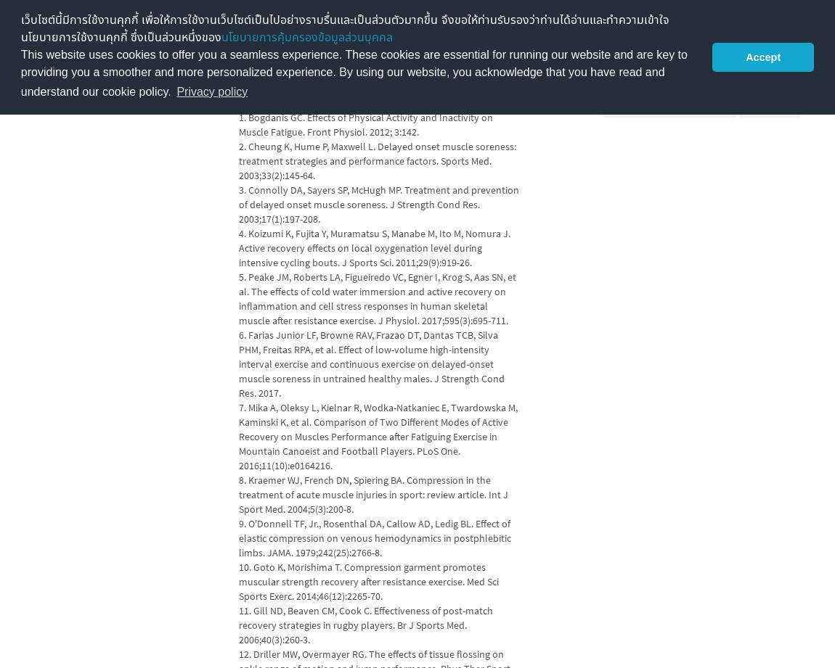  What do you see at coordinates (372, 495) in the screenshot?
I see `'8. Kraemer WJ, French DN, Spiering BA. Compression in the treatment of acute muscle injuries in sport: review article. Int J Sport Med. 2004;5(3):200-8.'` at bounding box center [372, 495].